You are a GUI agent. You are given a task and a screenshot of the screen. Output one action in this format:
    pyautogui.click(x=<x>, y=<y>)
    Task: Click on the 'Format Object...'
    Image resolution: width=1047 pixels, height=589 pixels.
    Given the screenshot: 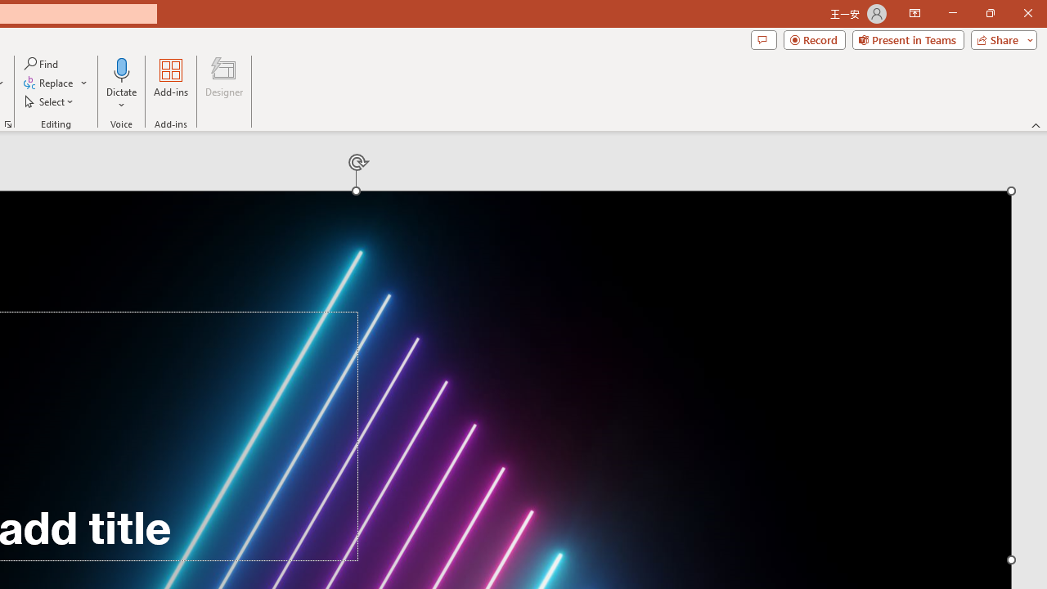 What is the action you would take?
    pyautogui.click(x=8, y=123)
    